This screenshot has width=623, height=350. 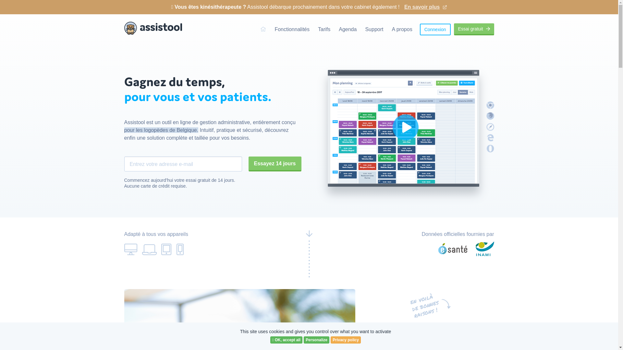 I want to click on 'Personalize', so click(x=303, y=340).